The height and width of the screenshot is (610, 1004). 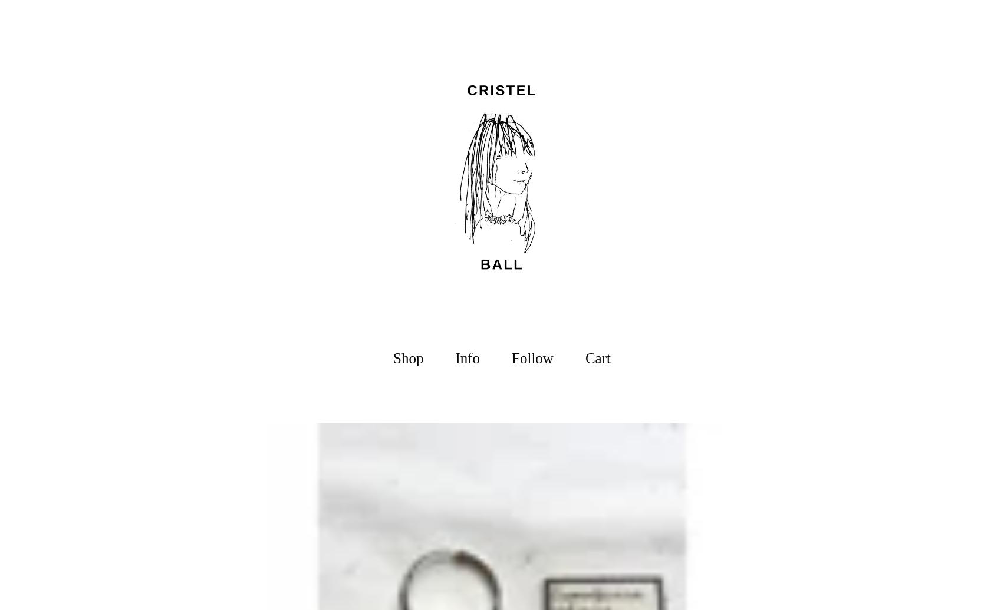 I want to click on 'Chokers', so click(x=392, y=489).